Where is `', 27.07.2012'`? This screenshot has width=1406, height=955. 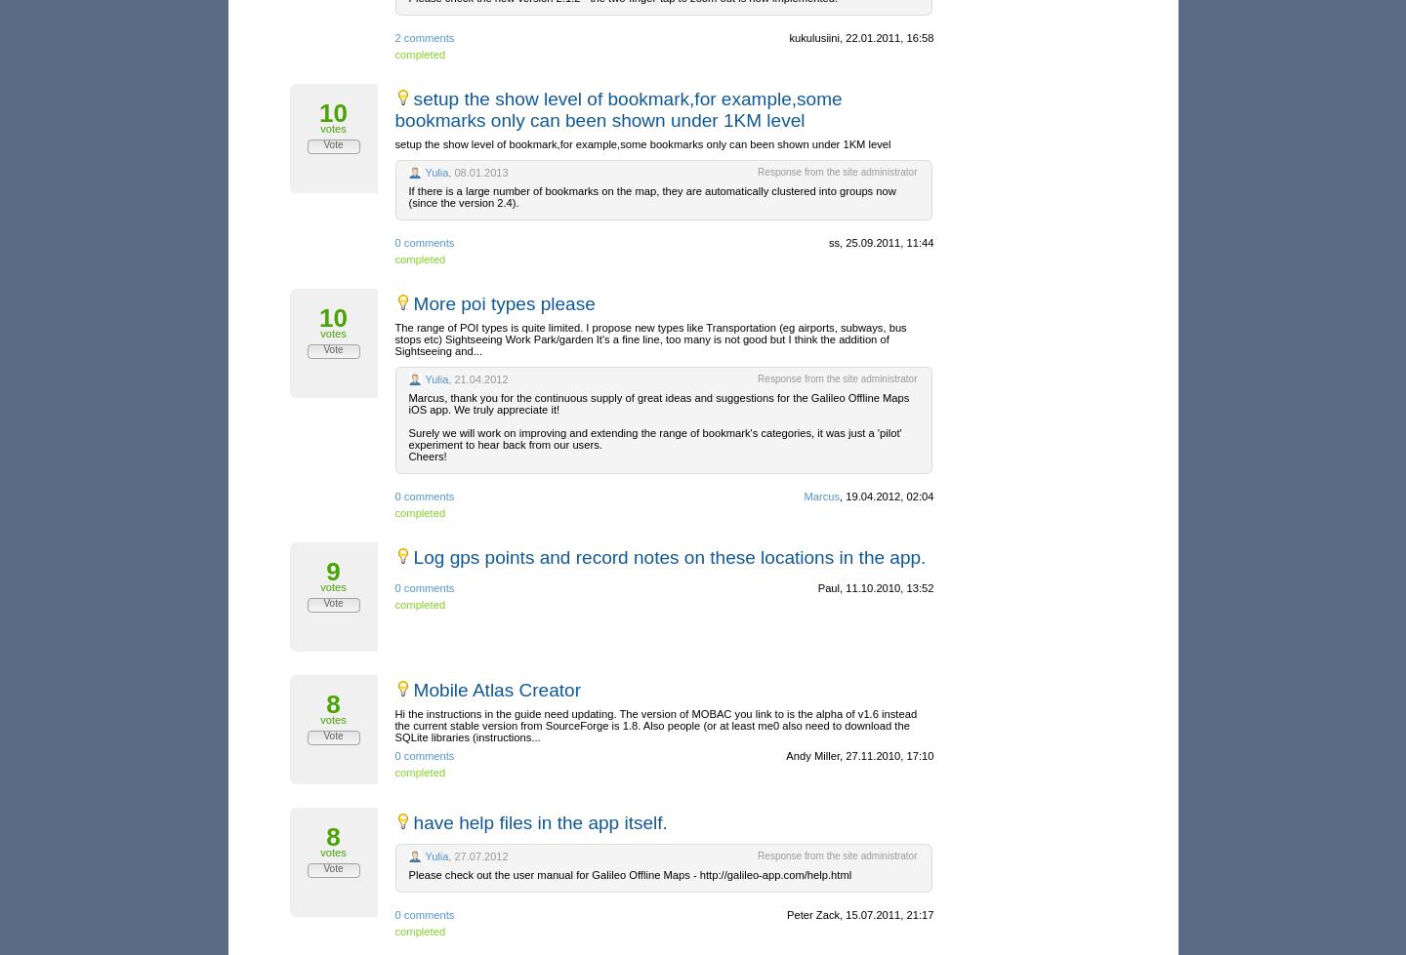 ', 27.07.2012' is located at coordinates (476, 855).